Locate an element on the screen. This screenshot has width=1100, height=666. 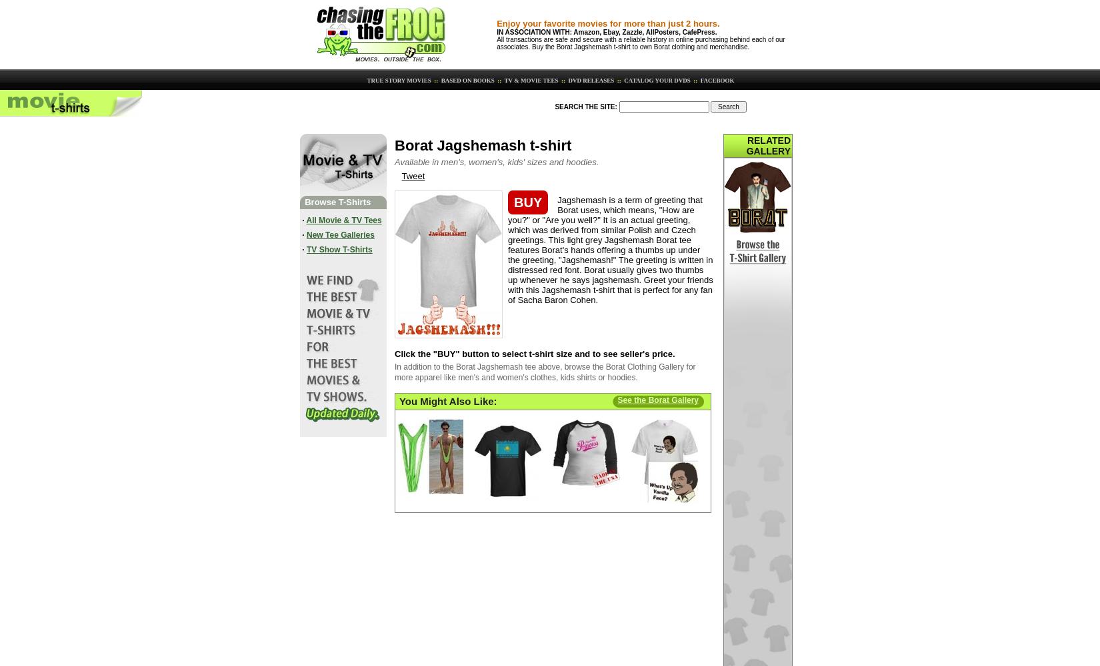
'DVD RELEASES' is located at coordinates (590, 79).